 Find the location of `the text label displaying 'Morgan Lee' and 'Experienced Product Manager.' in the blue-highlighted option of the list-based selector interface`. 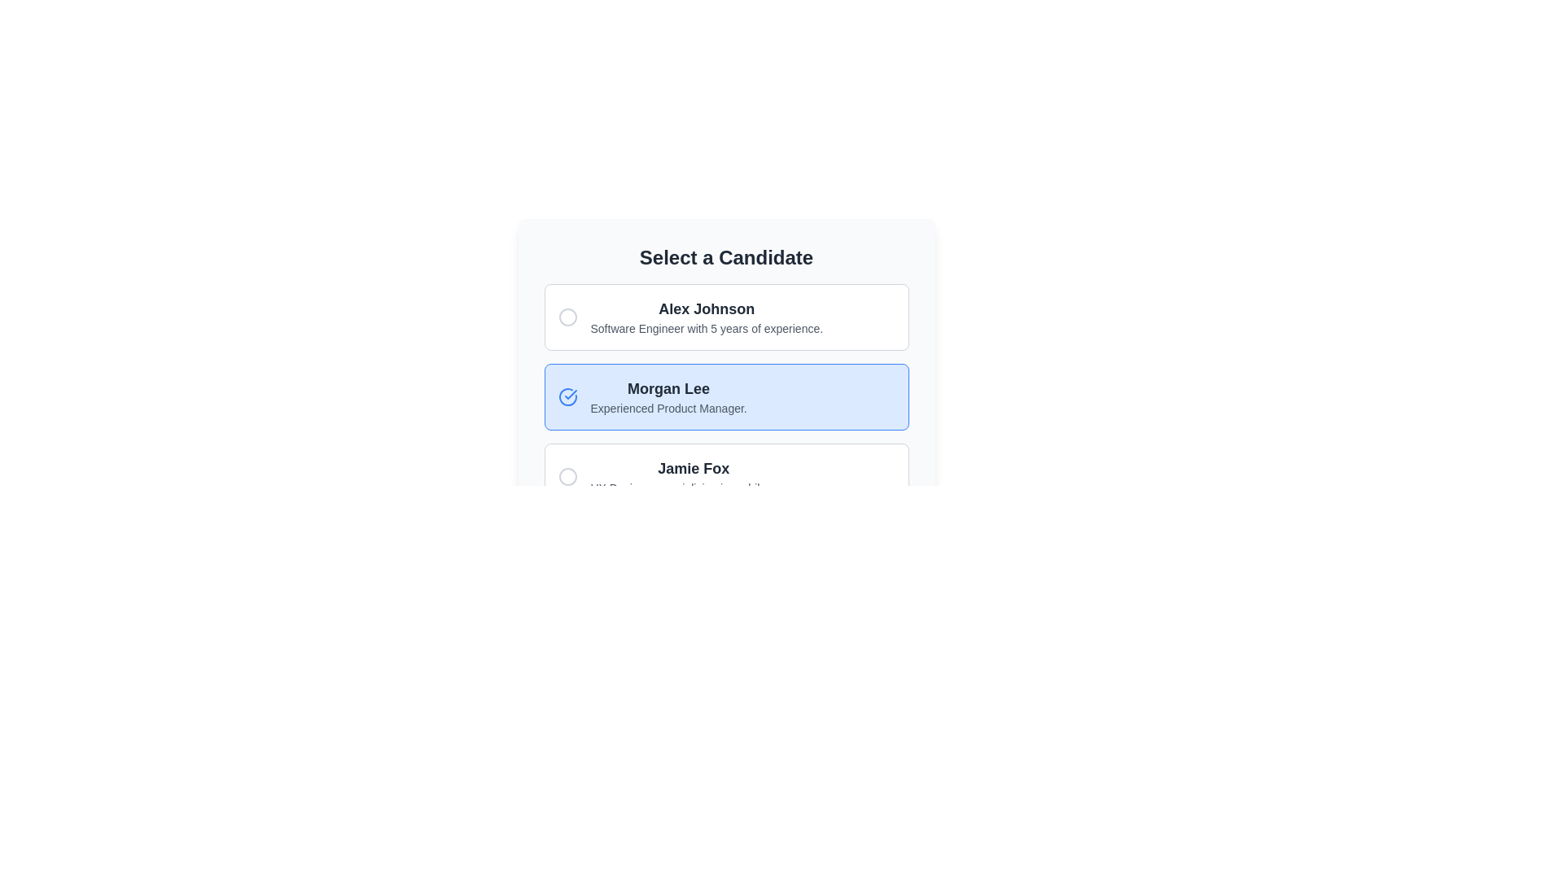

the text label displaying 'Morgan Lee' and 'Experienced Product Manager.' in the blue-highlighted option of the list-based selector interface is located at coordinates (668, 397).